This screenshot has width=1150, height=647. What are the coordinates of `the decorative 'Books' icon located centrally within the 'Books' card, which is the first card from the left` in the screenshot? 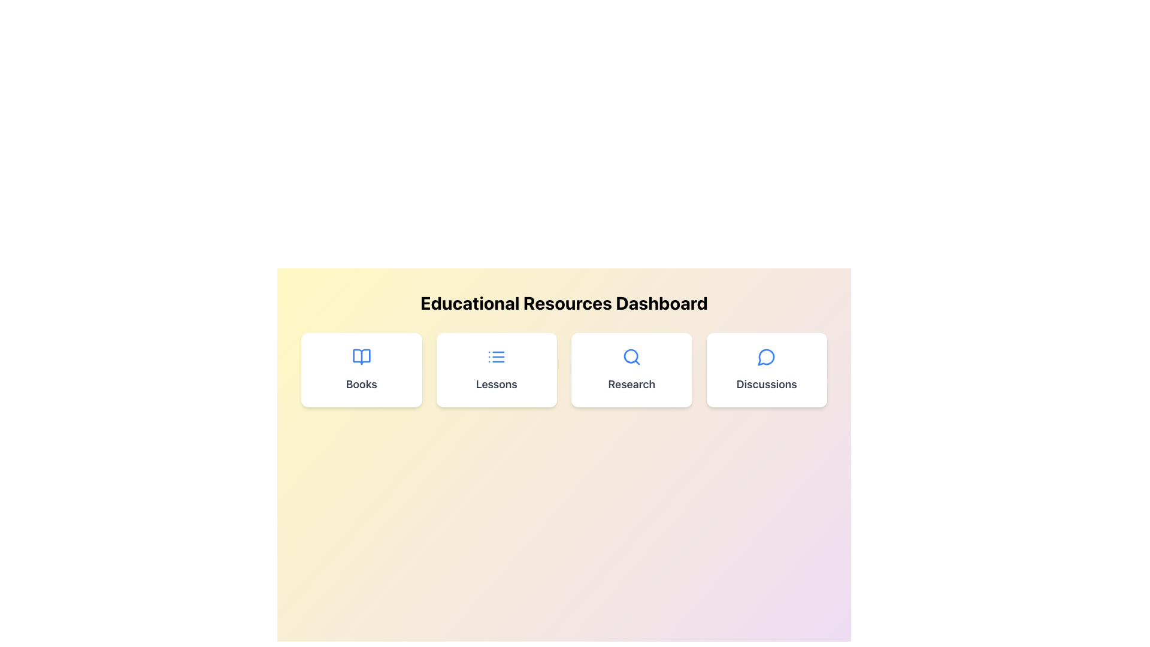 It's located at (361, 356).